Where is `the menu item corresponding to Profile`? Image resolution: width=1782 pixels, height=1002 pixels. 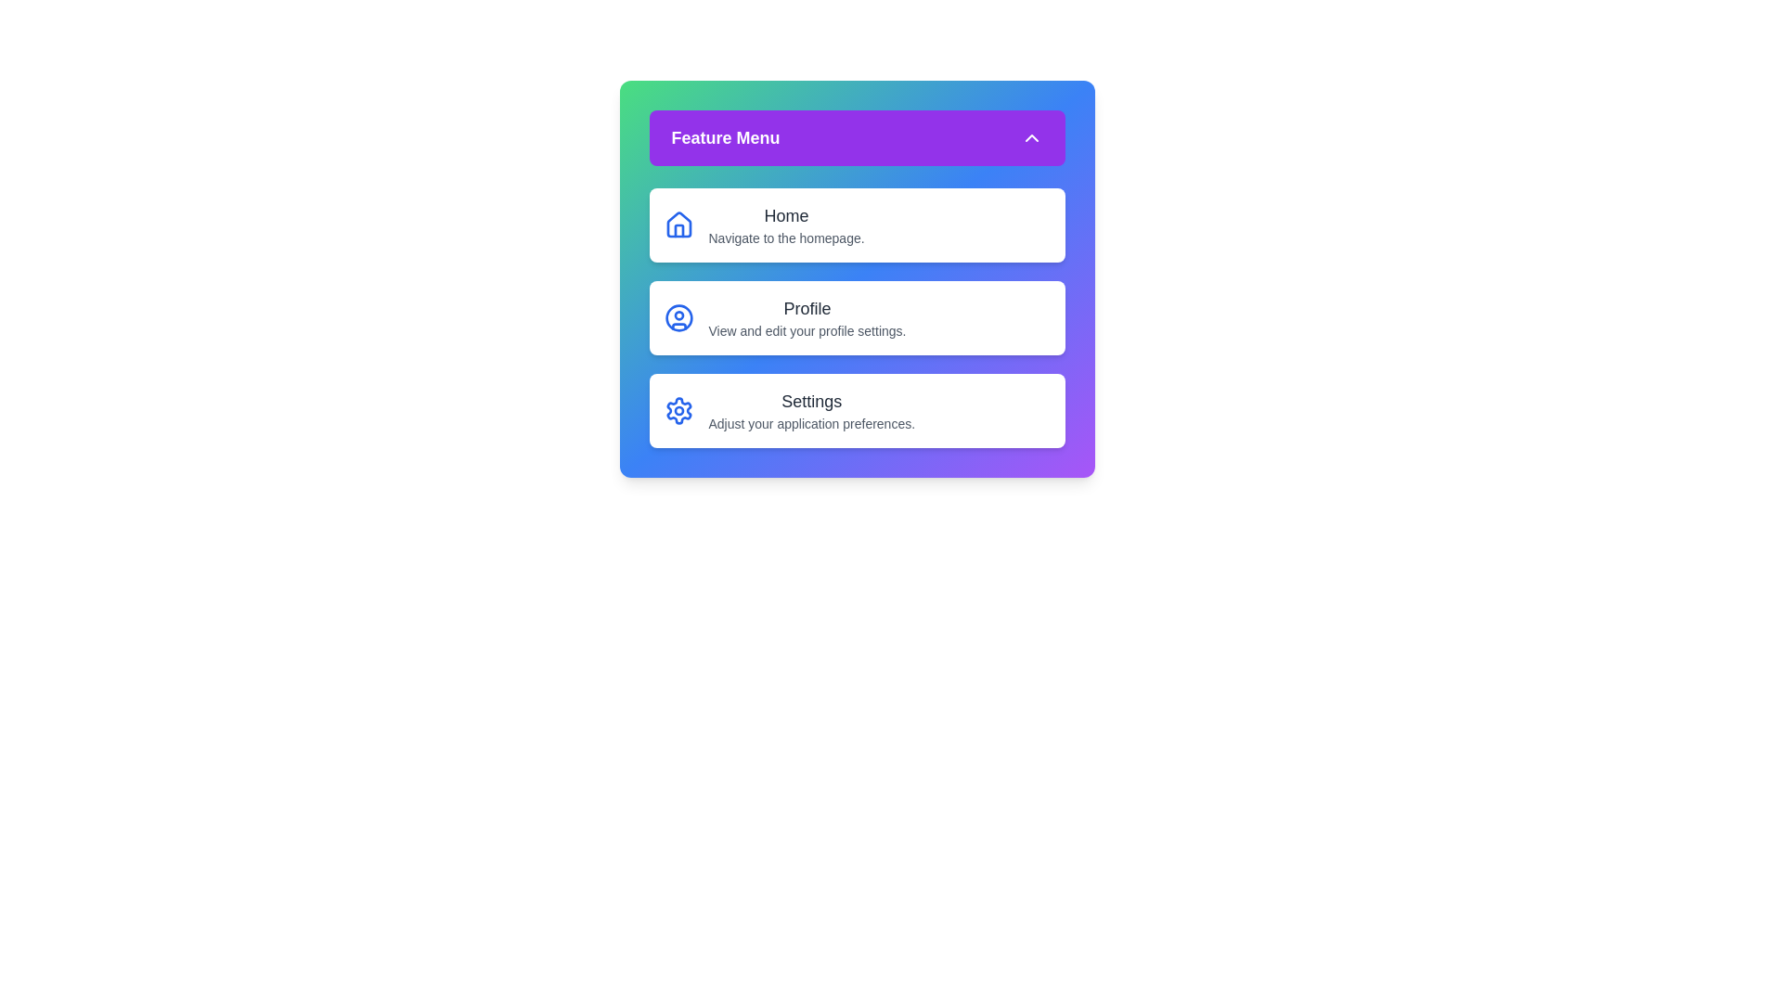
the menu item corresponding to Profile is located at coordinates (856, 317).